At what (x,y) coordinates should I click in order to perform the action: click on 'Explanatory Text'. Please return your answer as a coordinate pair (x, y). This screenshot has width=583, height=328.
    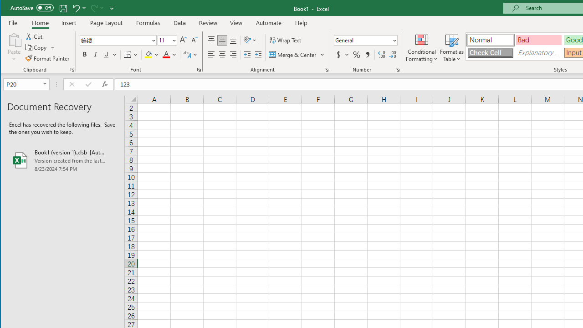
    Looking at the image, I should click on (539, 53).